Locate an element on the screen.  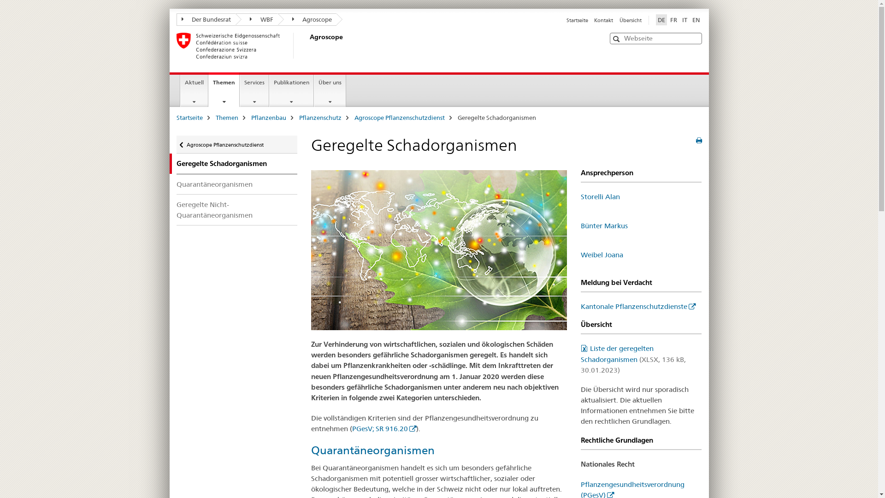
'Storelli Alan' is located at coordinates (580, 196).